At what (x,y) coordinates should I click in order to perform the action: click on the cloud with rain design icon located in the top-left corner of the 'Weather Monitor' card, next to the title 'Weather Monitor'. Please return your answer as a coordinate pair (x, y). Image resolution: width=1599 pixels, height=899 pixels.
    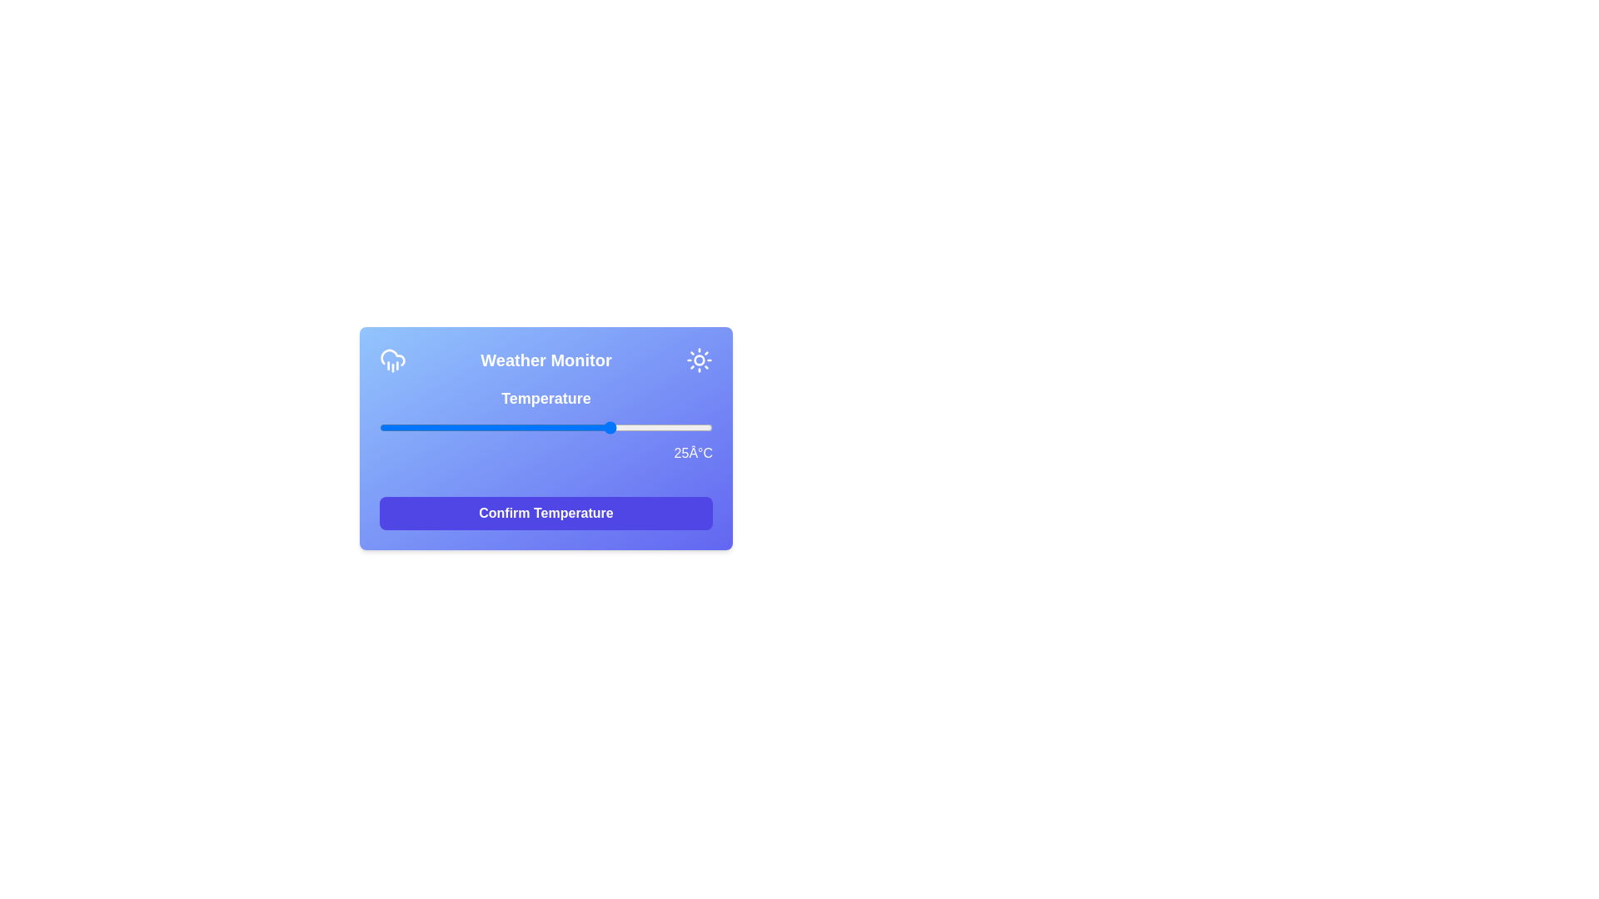
    Looking at the image, I should click on (391, 359).